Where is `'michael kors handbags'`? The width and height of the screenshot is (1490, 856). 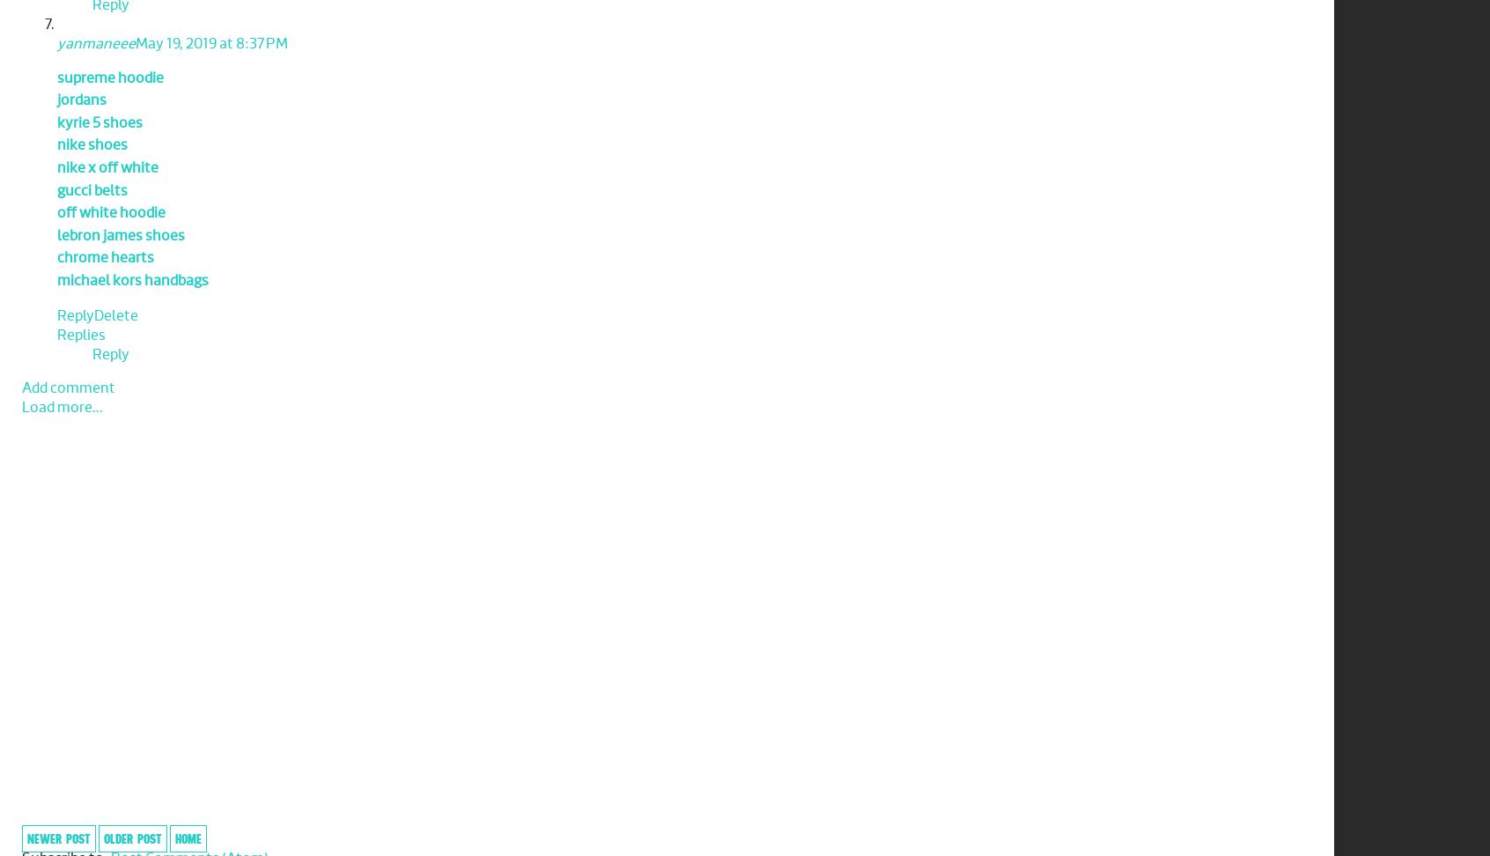 'michael kors handbags' is located at coordinates (131, 280).